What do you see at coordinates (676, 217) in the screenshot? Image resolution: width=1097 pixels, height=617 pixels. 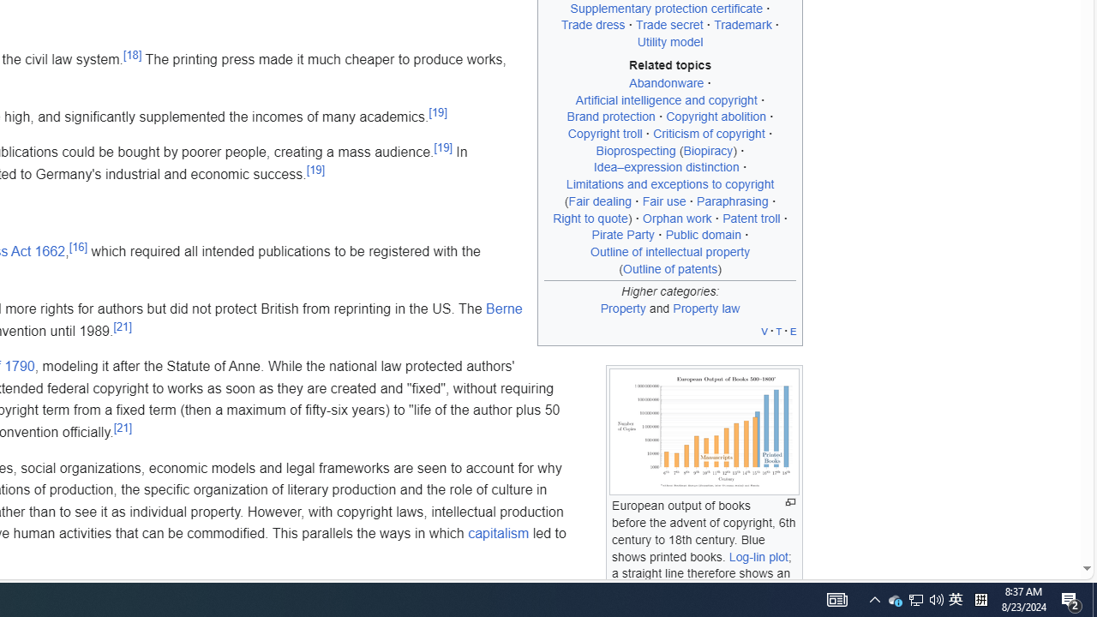 I see `'Orphan work'` at bounding box center [676, 217].